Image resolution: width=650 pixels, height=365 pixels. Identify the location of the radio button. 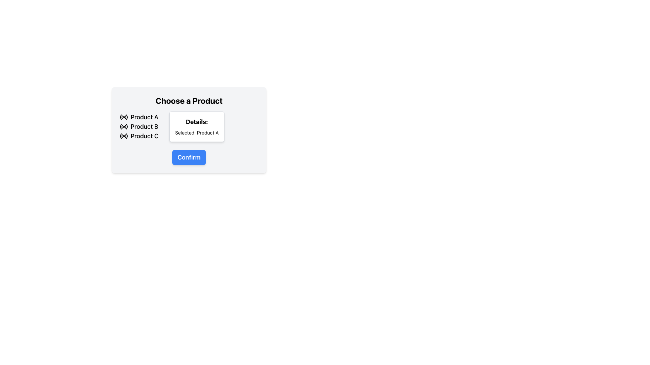
(139, 136).